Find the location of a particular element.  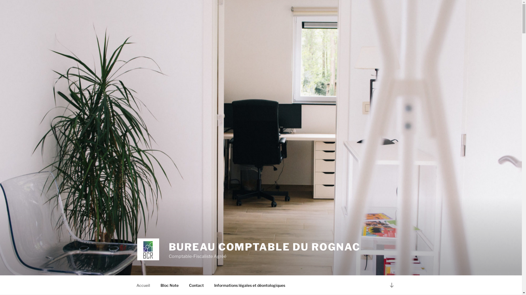

'Accueil' is located at coordinates (143, 285).